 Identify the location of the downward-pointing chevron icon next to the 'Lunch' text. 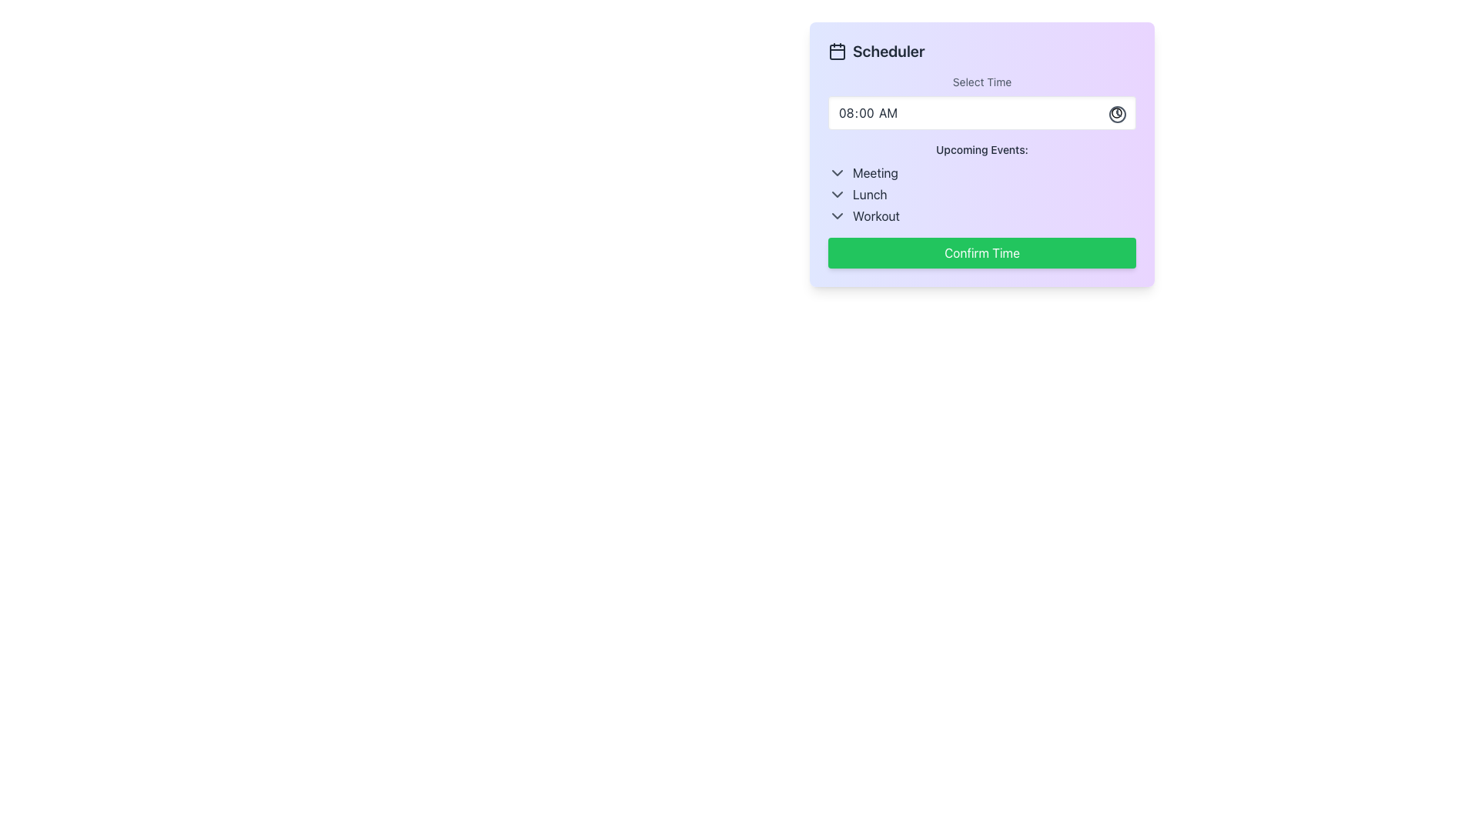
(837, 194).